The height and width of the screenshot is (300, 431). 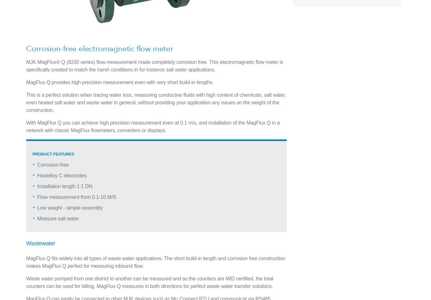 What do you see at coordinates (151, 4) in the screenshot?
I see `'Why am I seeing this?'` at bounding box center [151, 4].